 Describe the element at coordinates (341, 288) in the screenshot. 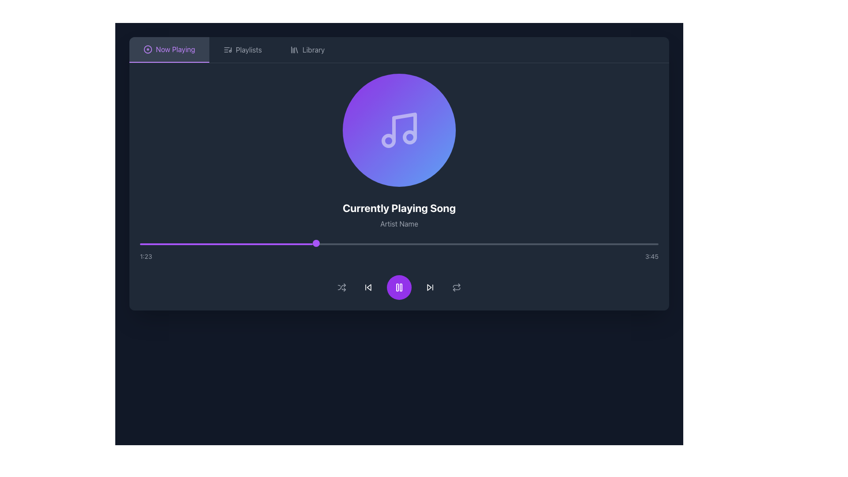

I see `the shuffle icon button, which resembles two crossing arrows in a line-based design` at that location.